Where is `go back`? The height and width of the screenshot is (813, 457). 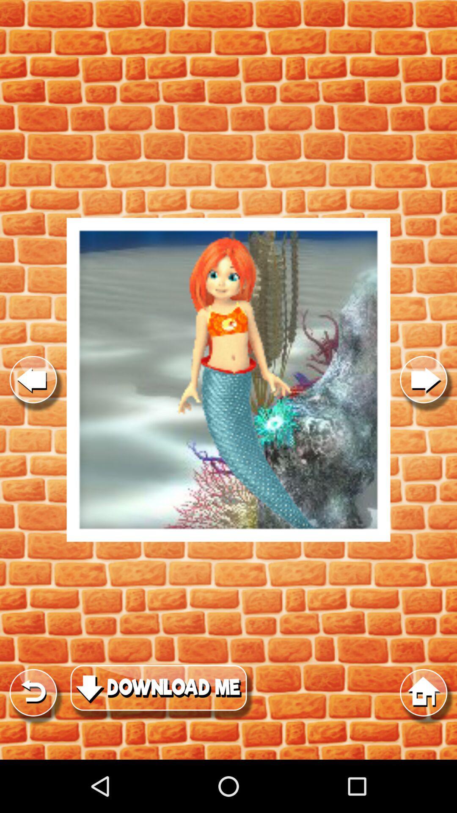 go back is located at coordinates (33, 379).